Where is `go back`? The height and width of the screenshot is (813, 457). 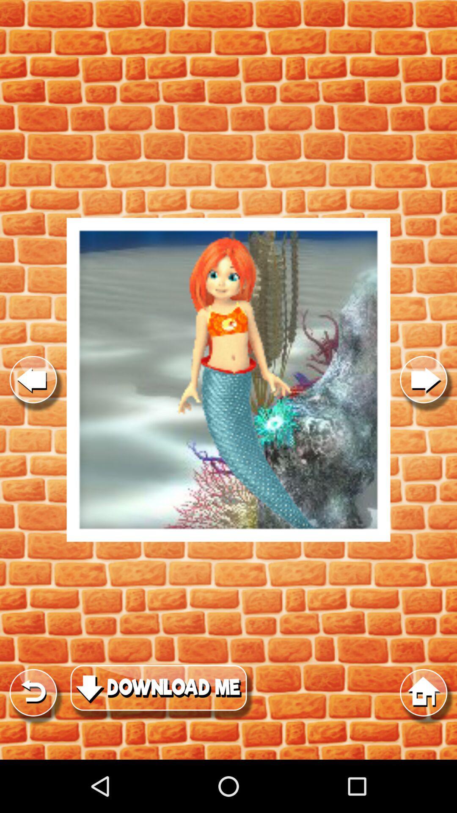 go back is located at coordinates (33, 379).